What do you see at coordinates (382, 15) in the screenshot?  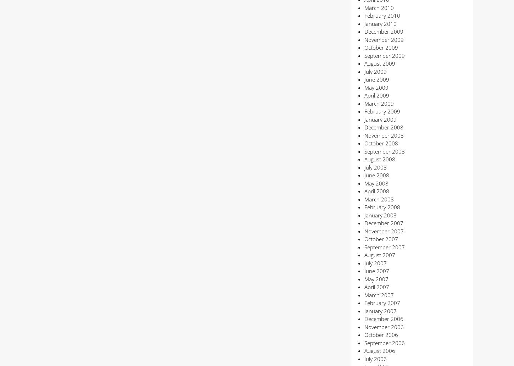 I see `'February 2010'` at bounding box center [382, 15].